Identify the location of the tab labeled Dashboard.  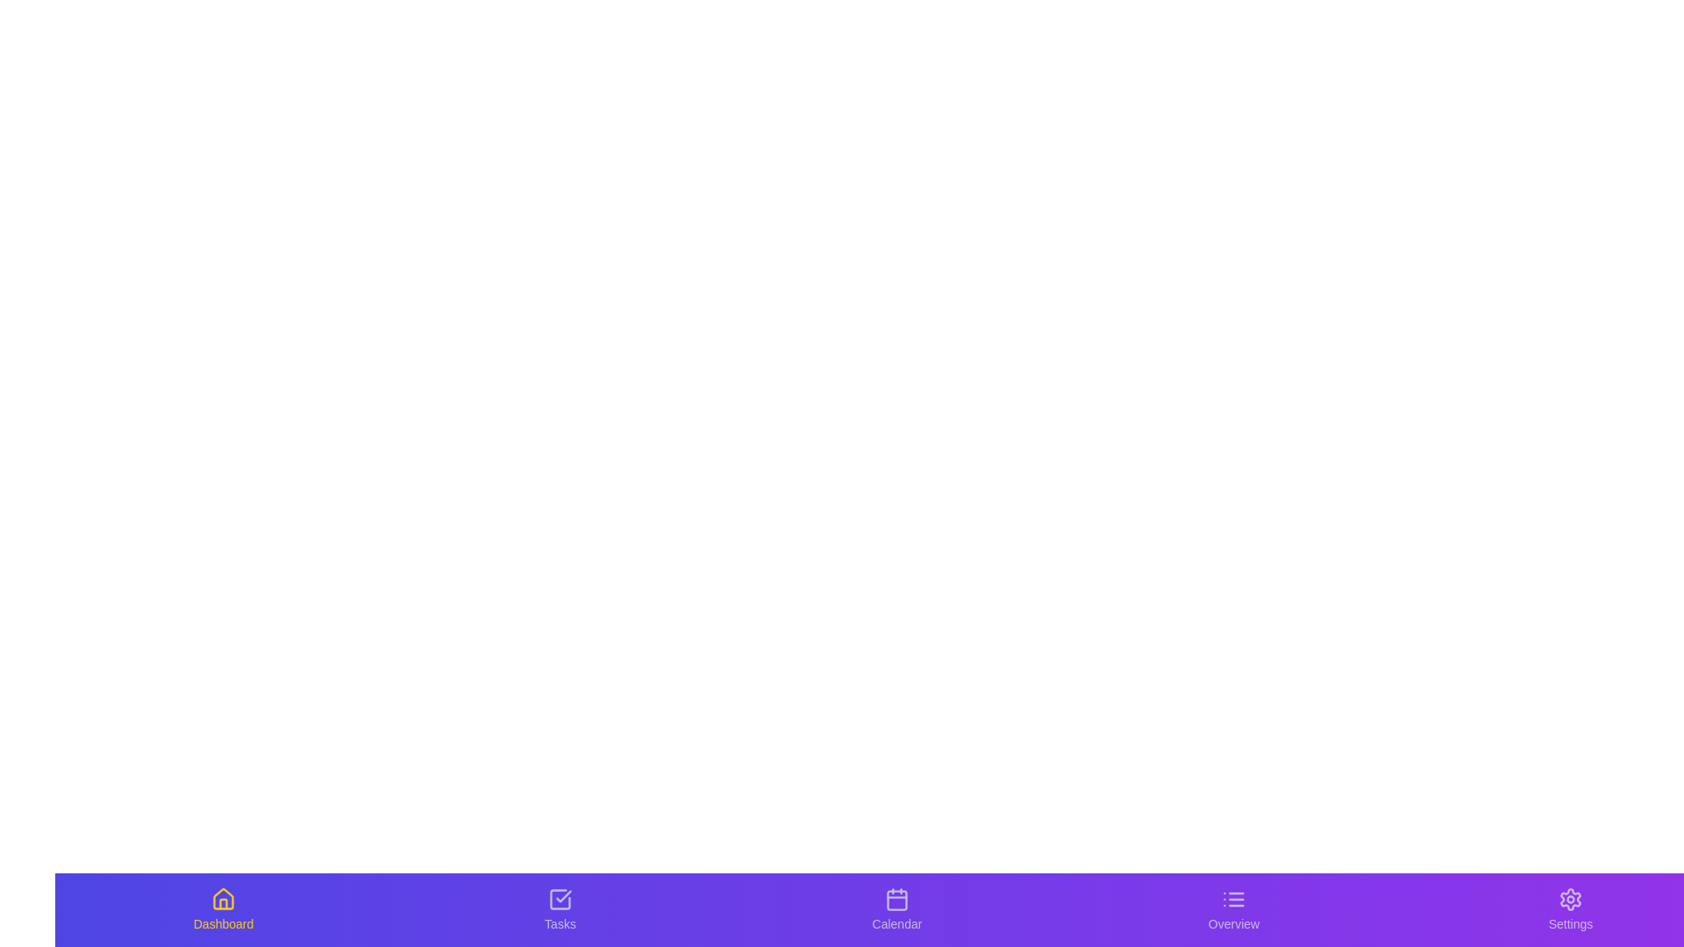
(222, 908).